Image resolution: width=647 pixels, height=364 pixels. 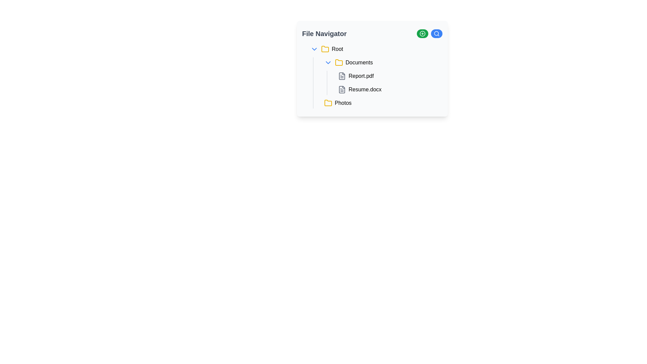 What do you see at coordinates (389, 76) in the screenshot?
I see `the file list item named 'Report.pdf' located under the 'Documents' directory` at bounding box center [389, 76].